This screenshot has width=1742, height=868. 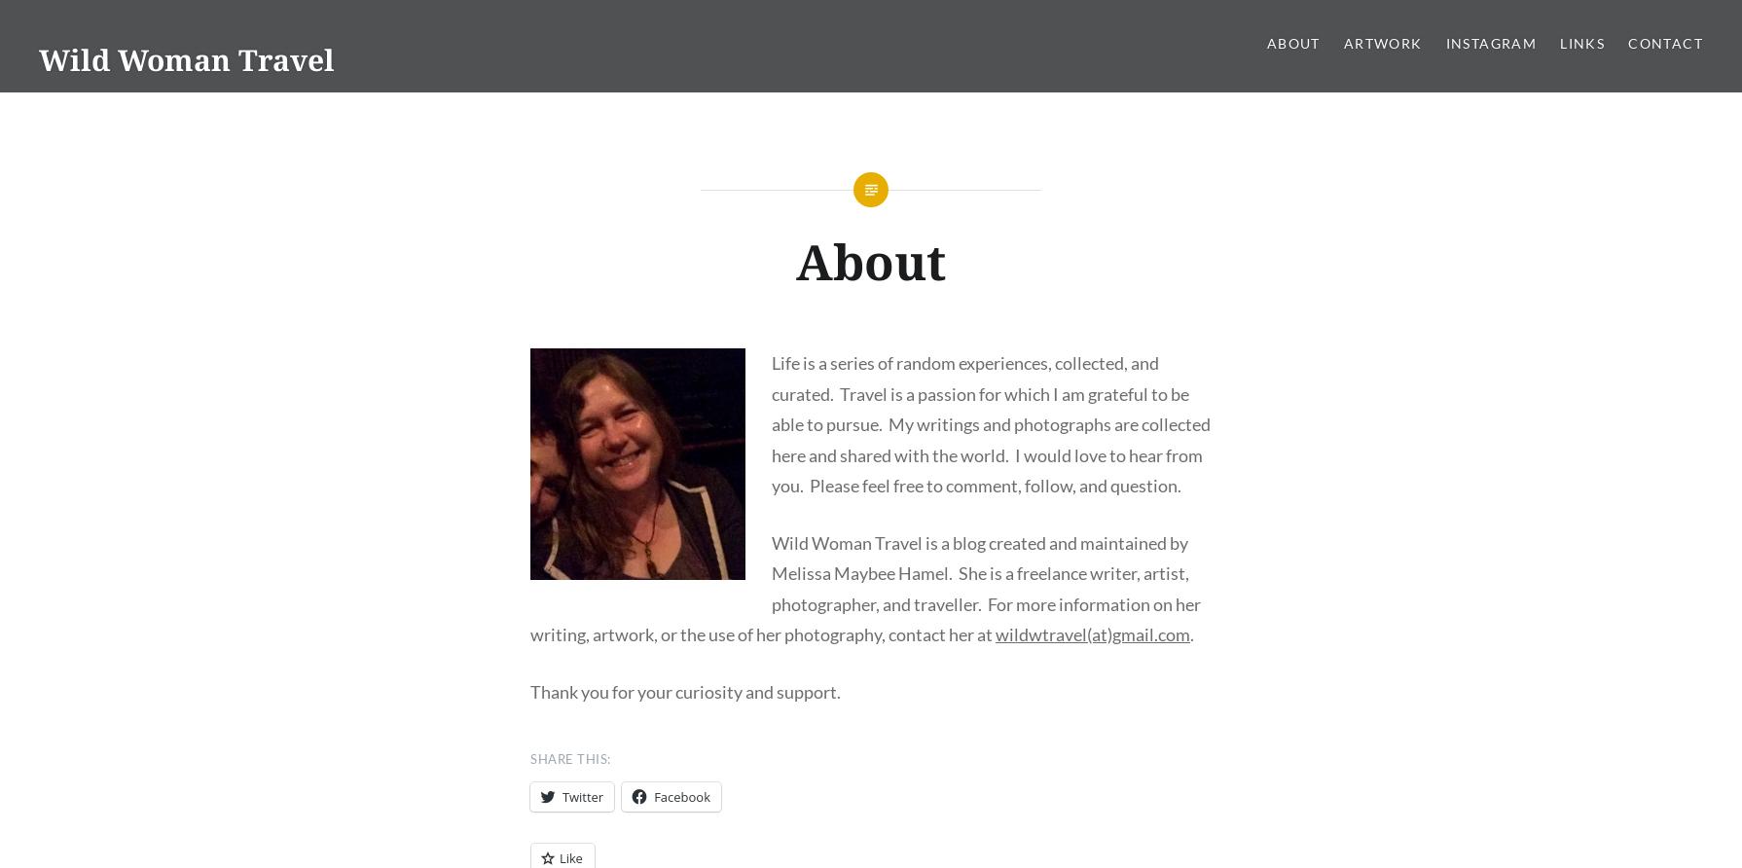 I want to click on 'Artwork', so click(x=1341, y=43).